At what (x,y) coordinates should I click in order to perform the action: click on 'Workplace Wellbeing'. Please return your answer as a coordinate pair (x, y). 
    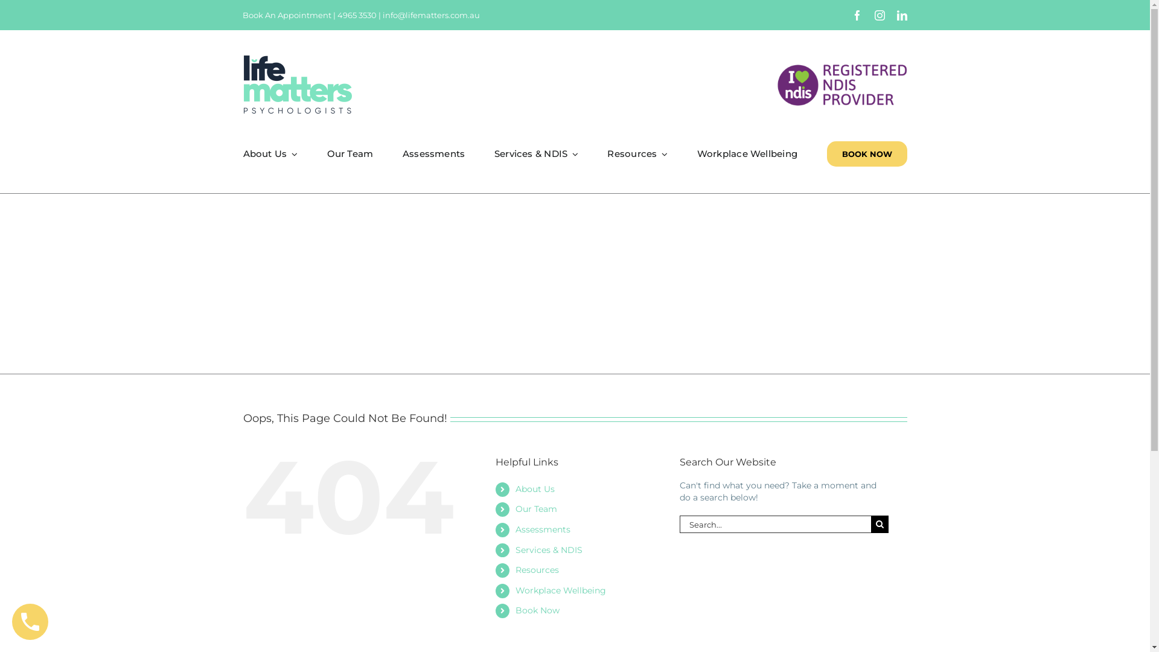
    Looking at the image, I should click on (560, 590).